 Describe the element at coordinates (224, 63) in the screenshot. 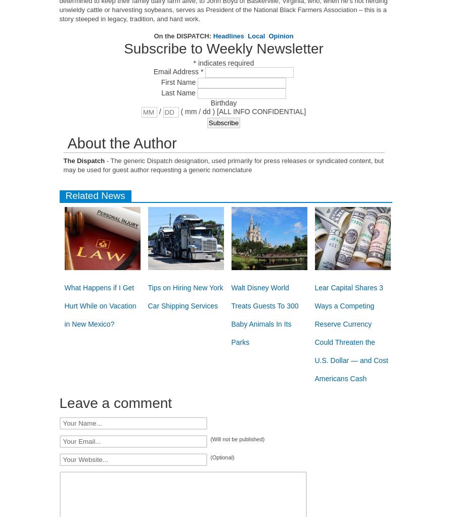

I see `'indicates required'` at that location.